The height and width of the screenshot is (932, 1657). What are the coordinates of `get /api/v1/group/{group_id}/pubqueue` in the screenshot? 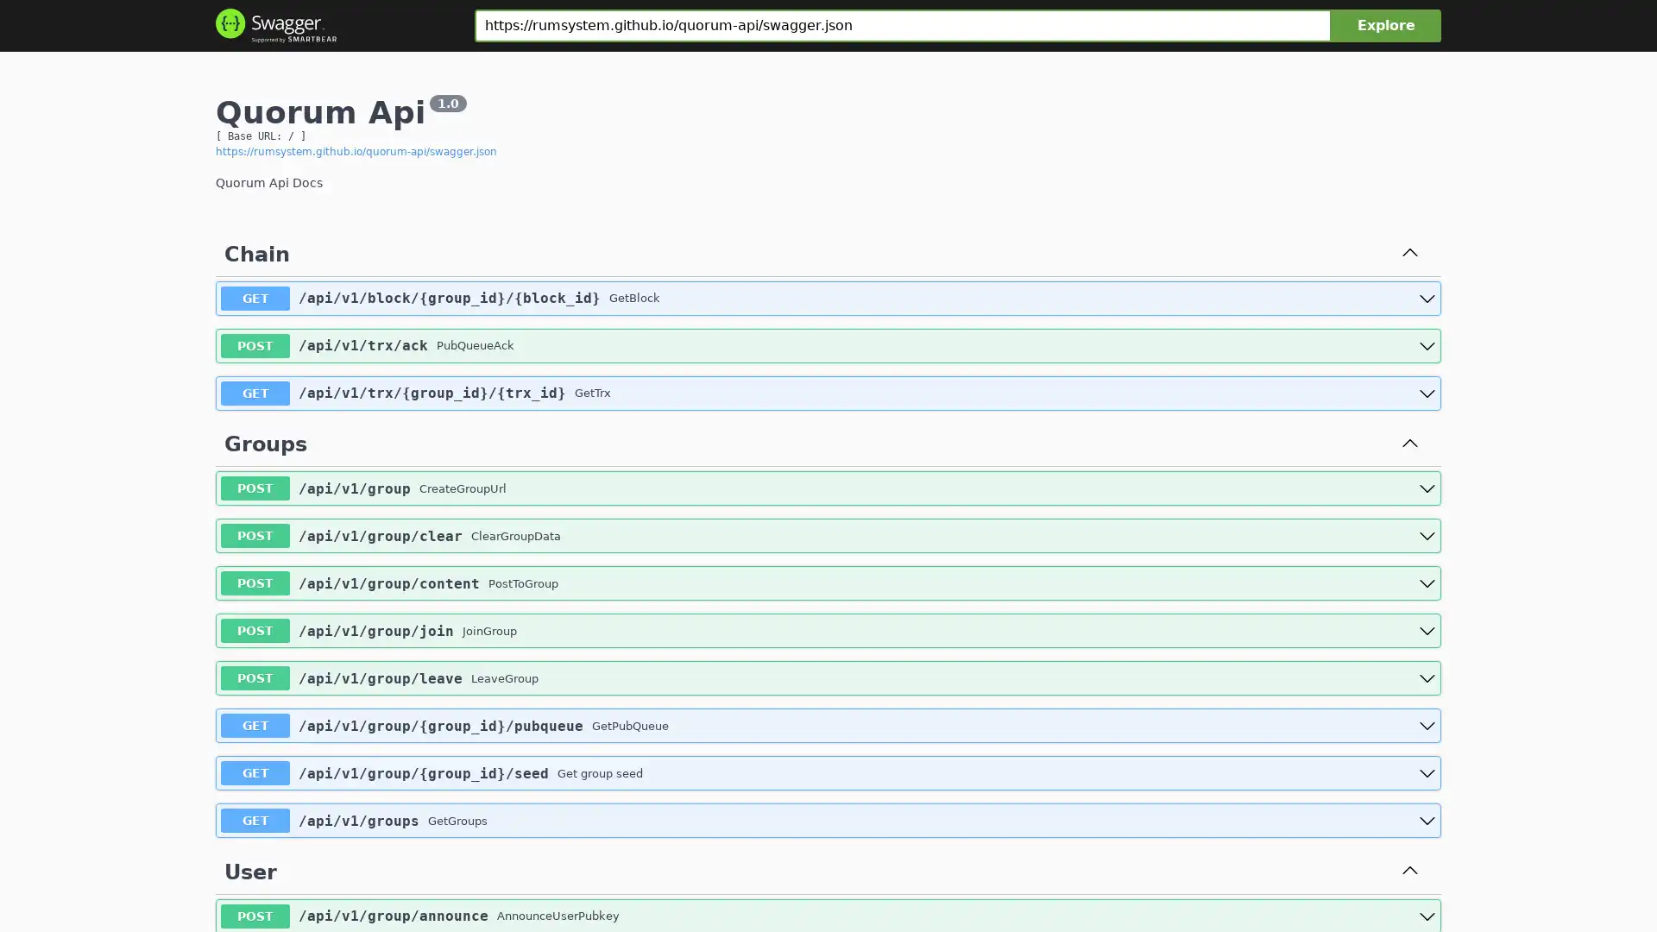 It's located at (828, 725).